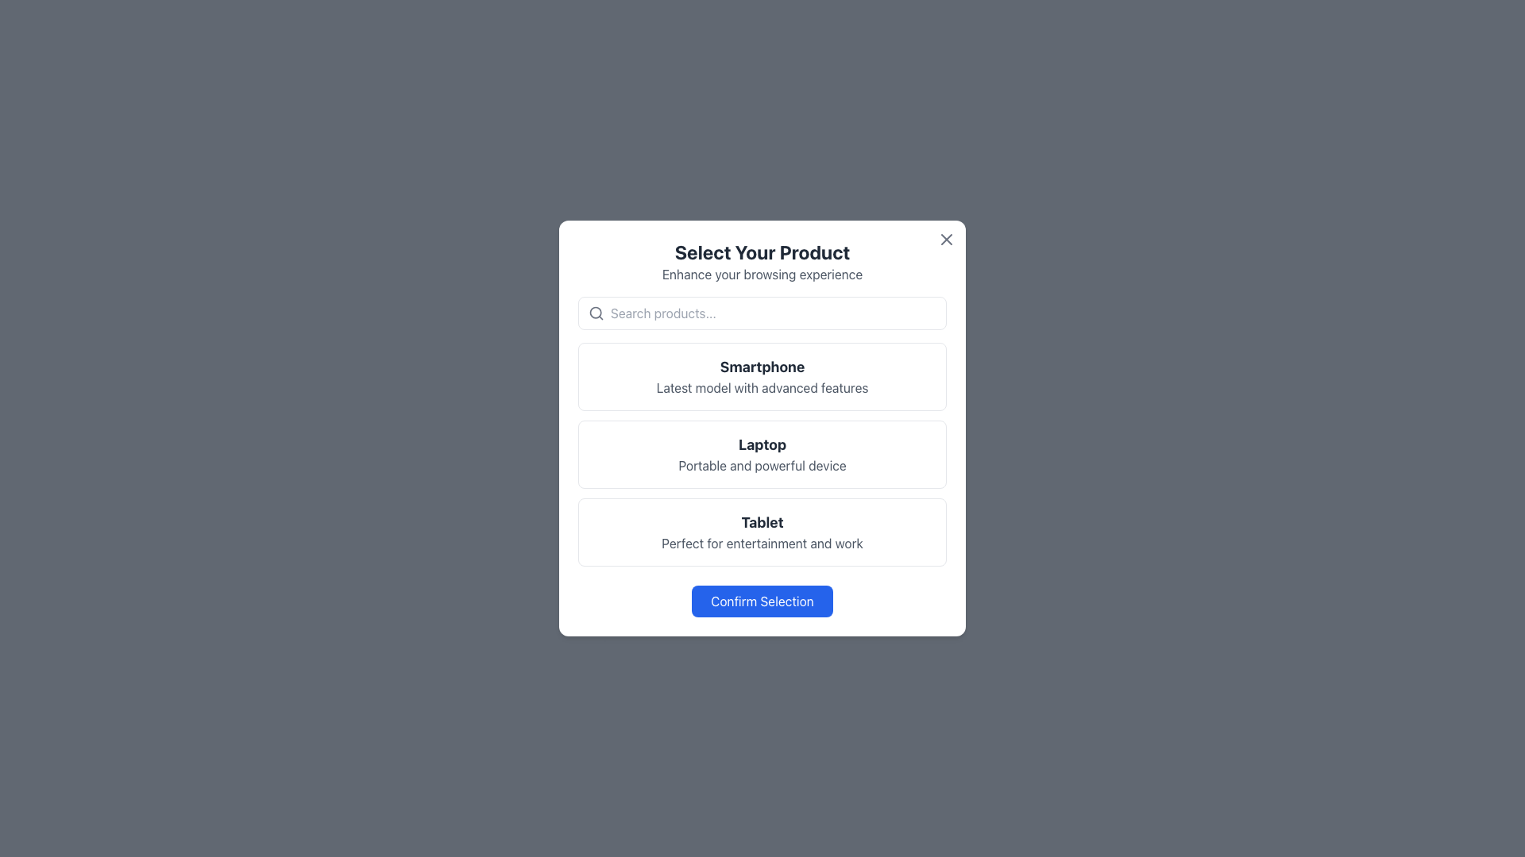 This screenshot has width=1525, height=857. What do you see at coordinates (762, 367) in the screenshot?
I see `Text Label that serves as the title for the product option, located below the search bar and above the descriptive text on the first card in the vertically stacked list` at bounding box center [762, 367].